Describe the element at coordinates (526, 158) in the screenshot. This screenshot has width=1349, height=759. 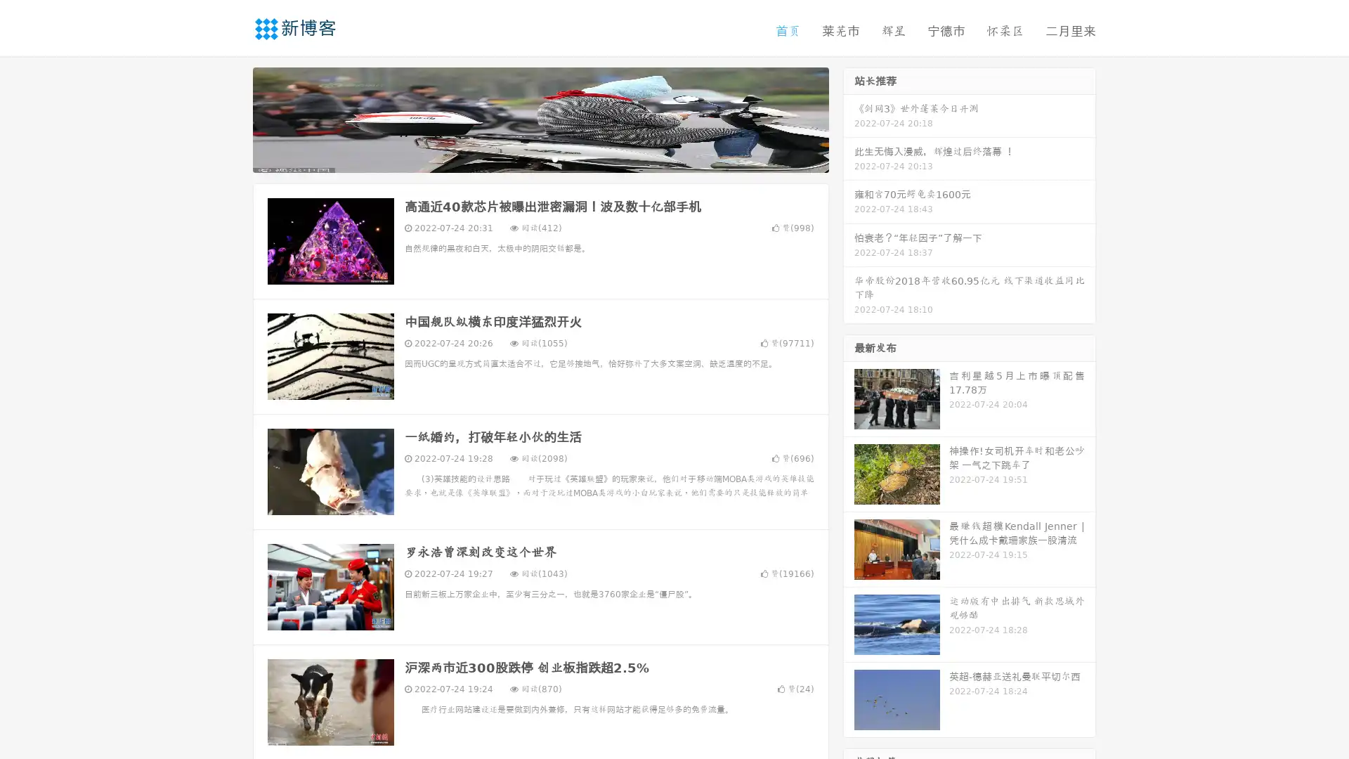
I see `Go to slide 1` at that location.